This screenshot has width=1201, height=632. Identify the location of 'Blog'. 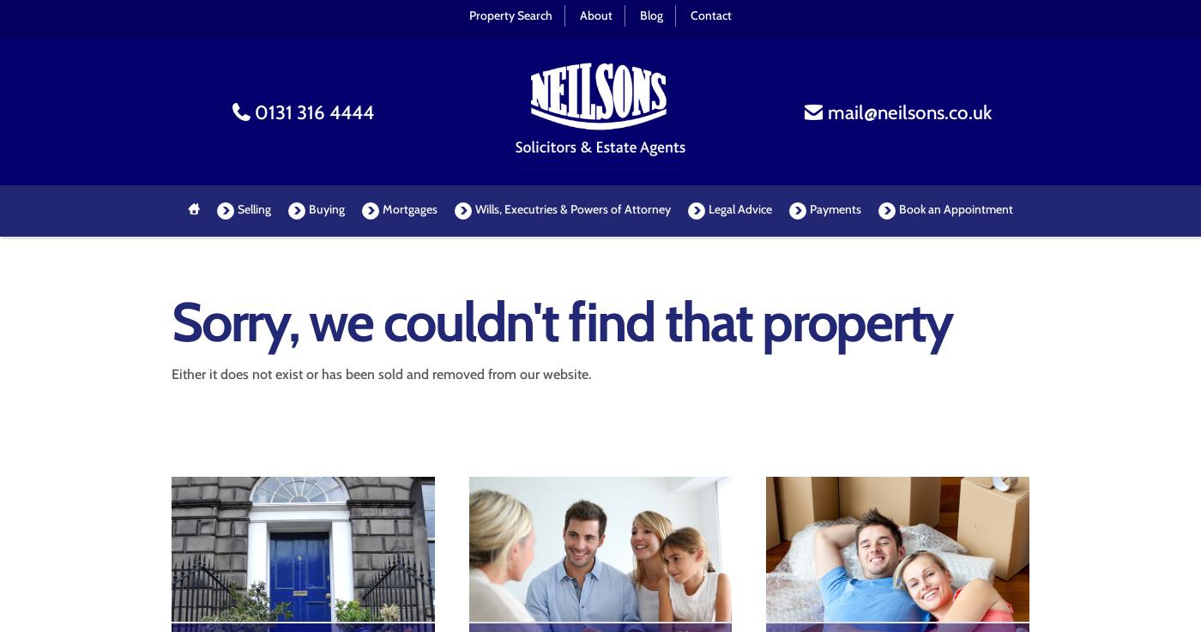
(651, 14).